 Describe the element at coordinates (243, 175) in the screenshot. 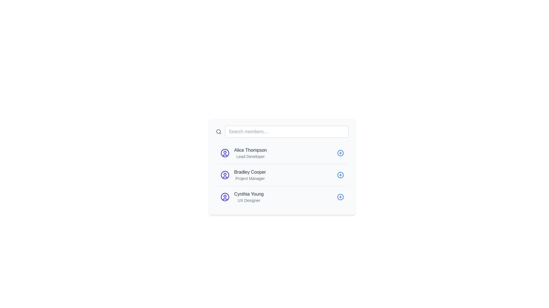

I see `the Profile display item for Bradley Cooper, which is the second entry` at that location.